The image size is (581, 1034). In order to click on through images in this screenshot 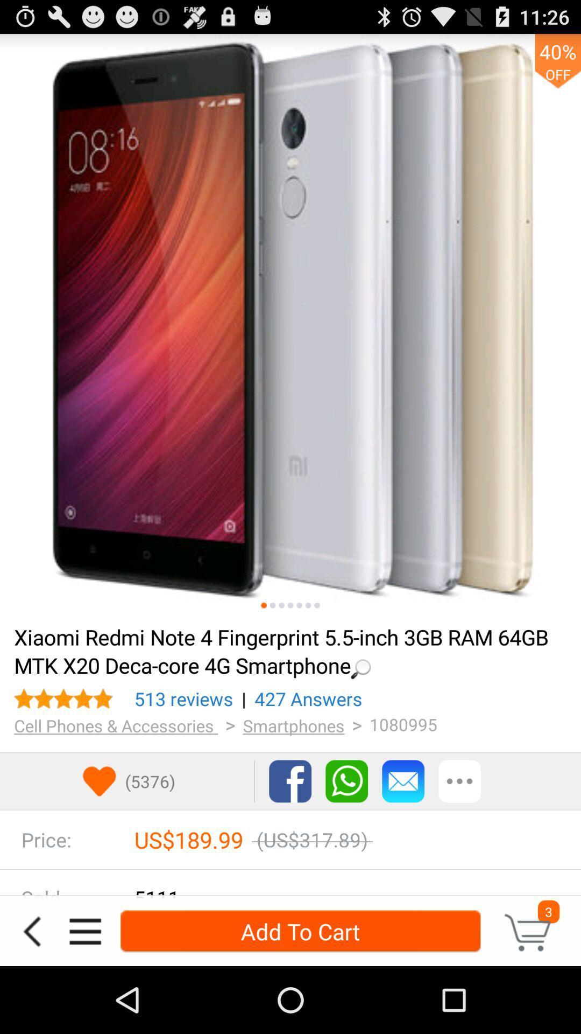, I will do `click(281, 605)`.